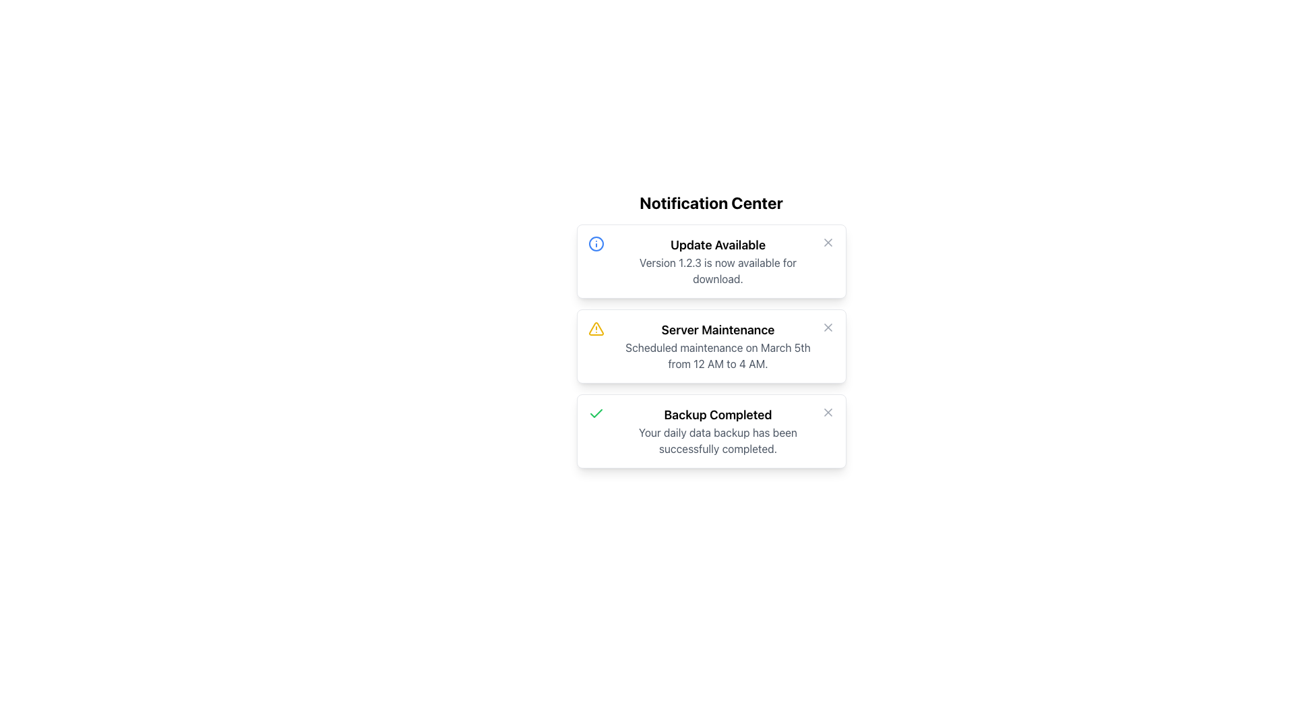  What do you see at coordinates (717, 245) in the screenshot?
I see `the text label displaying 'Update Available', which is prominently positioned within the notification card` at bounding box center [717, 245].